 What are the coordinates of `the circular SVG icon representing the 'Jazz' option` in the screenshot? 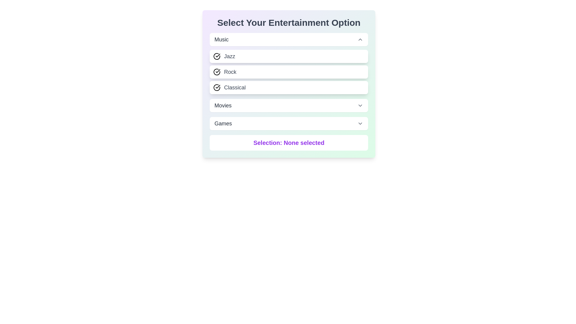 It's located at (217, 56).